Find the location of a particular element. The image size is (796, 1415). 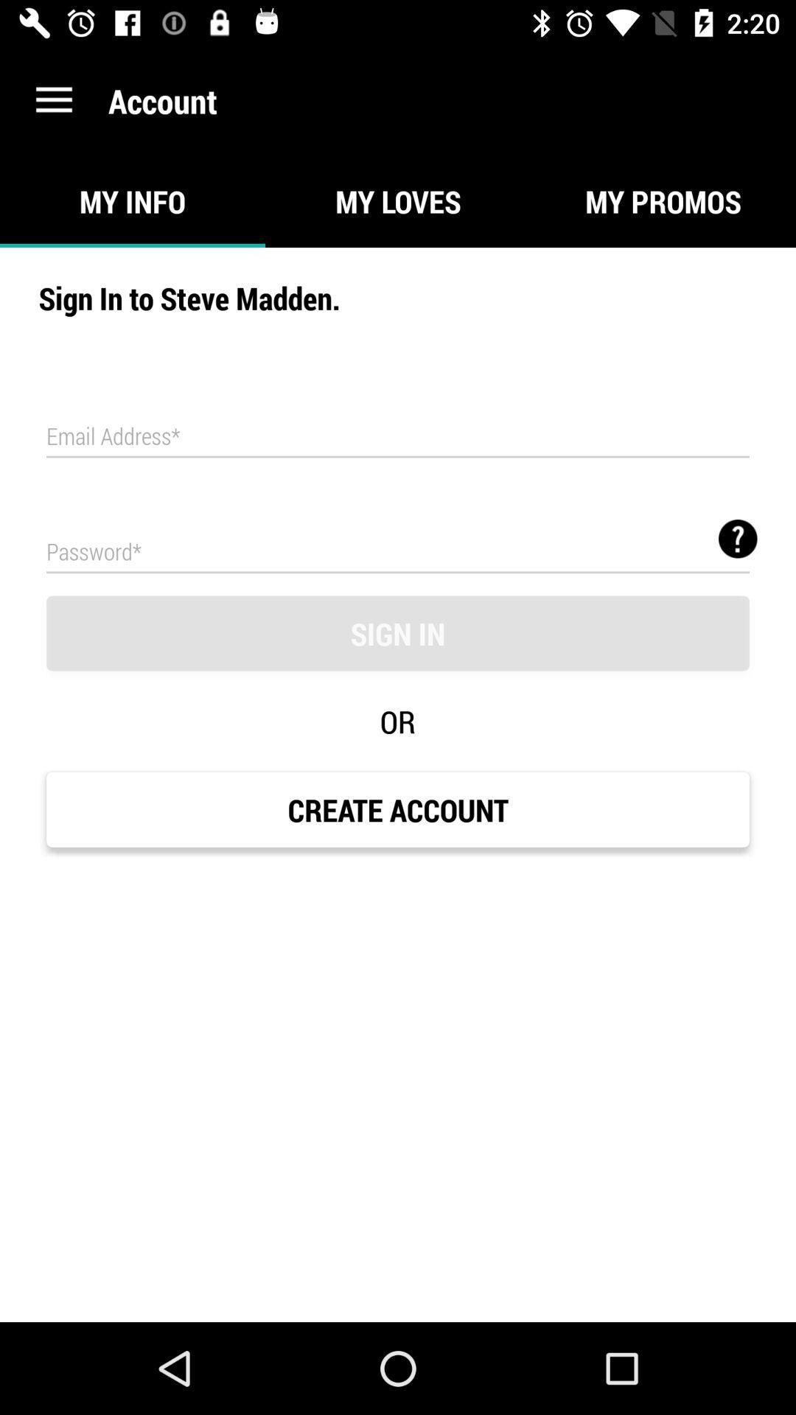

email address is located at coordinates (398, 436).